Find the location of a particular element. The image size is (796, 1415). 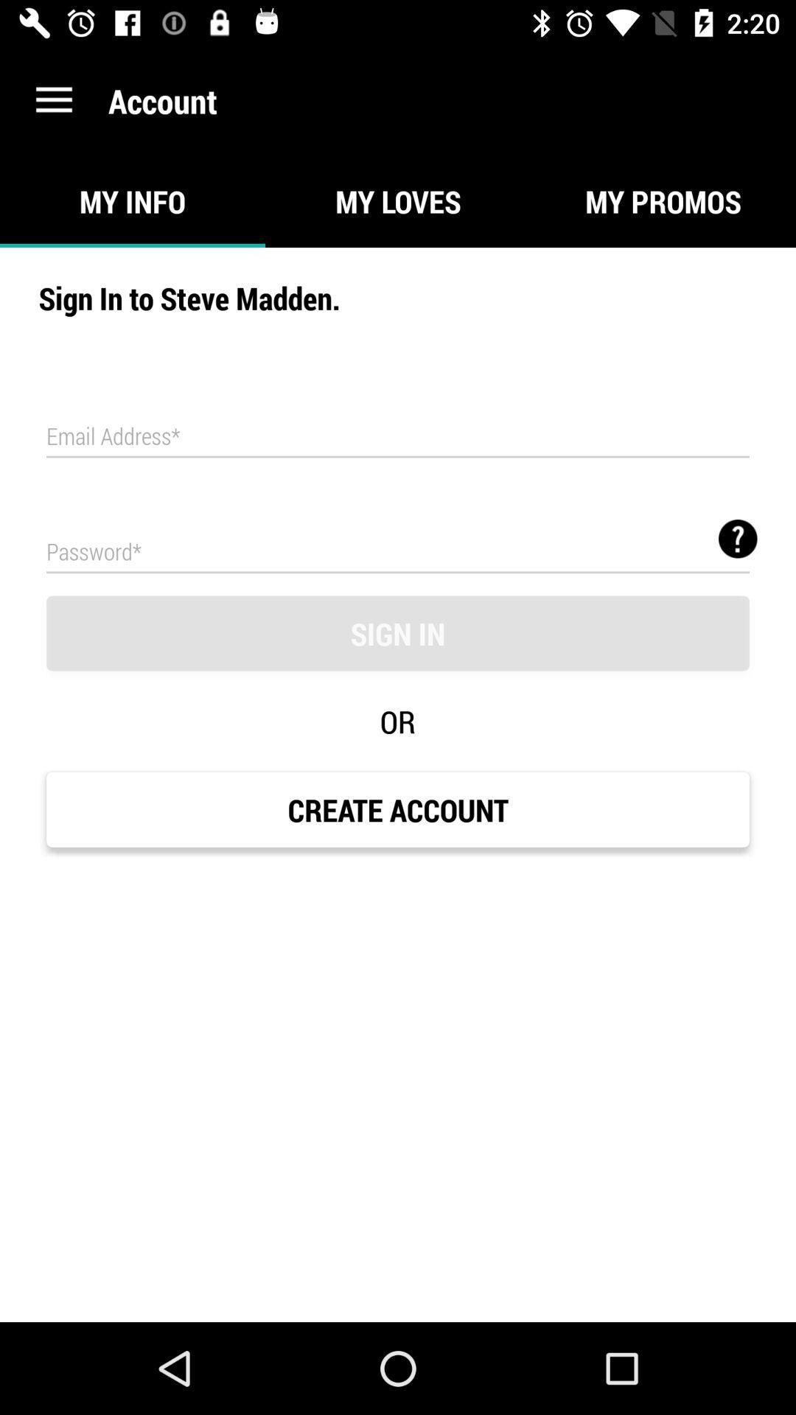

email address is located at coordinates (398, 436).